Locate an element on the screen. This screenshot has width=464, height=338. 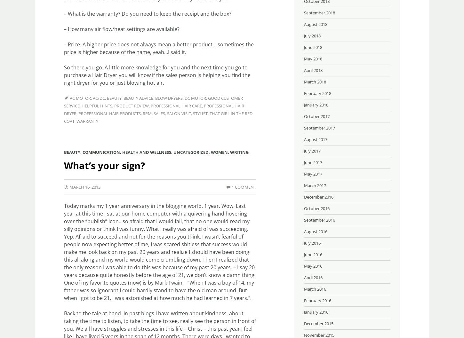
'May 2018' is located at coordinates (313, 59).